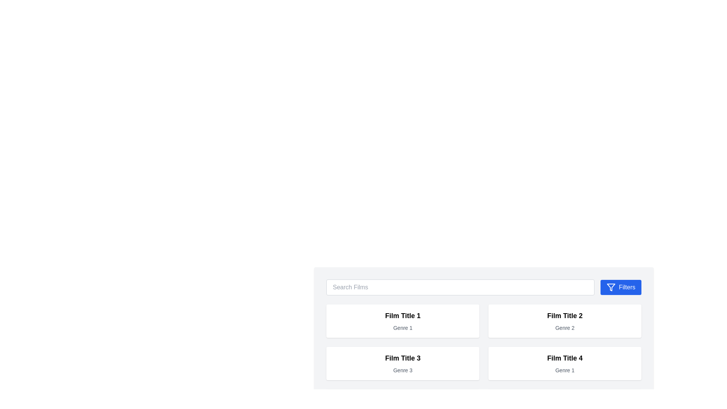  What do you see at coordinates (483, 287) in the screenshot?
I see `the search bar input field labeled 'Search Films' to focus on it` at bounding box center [483, 287].